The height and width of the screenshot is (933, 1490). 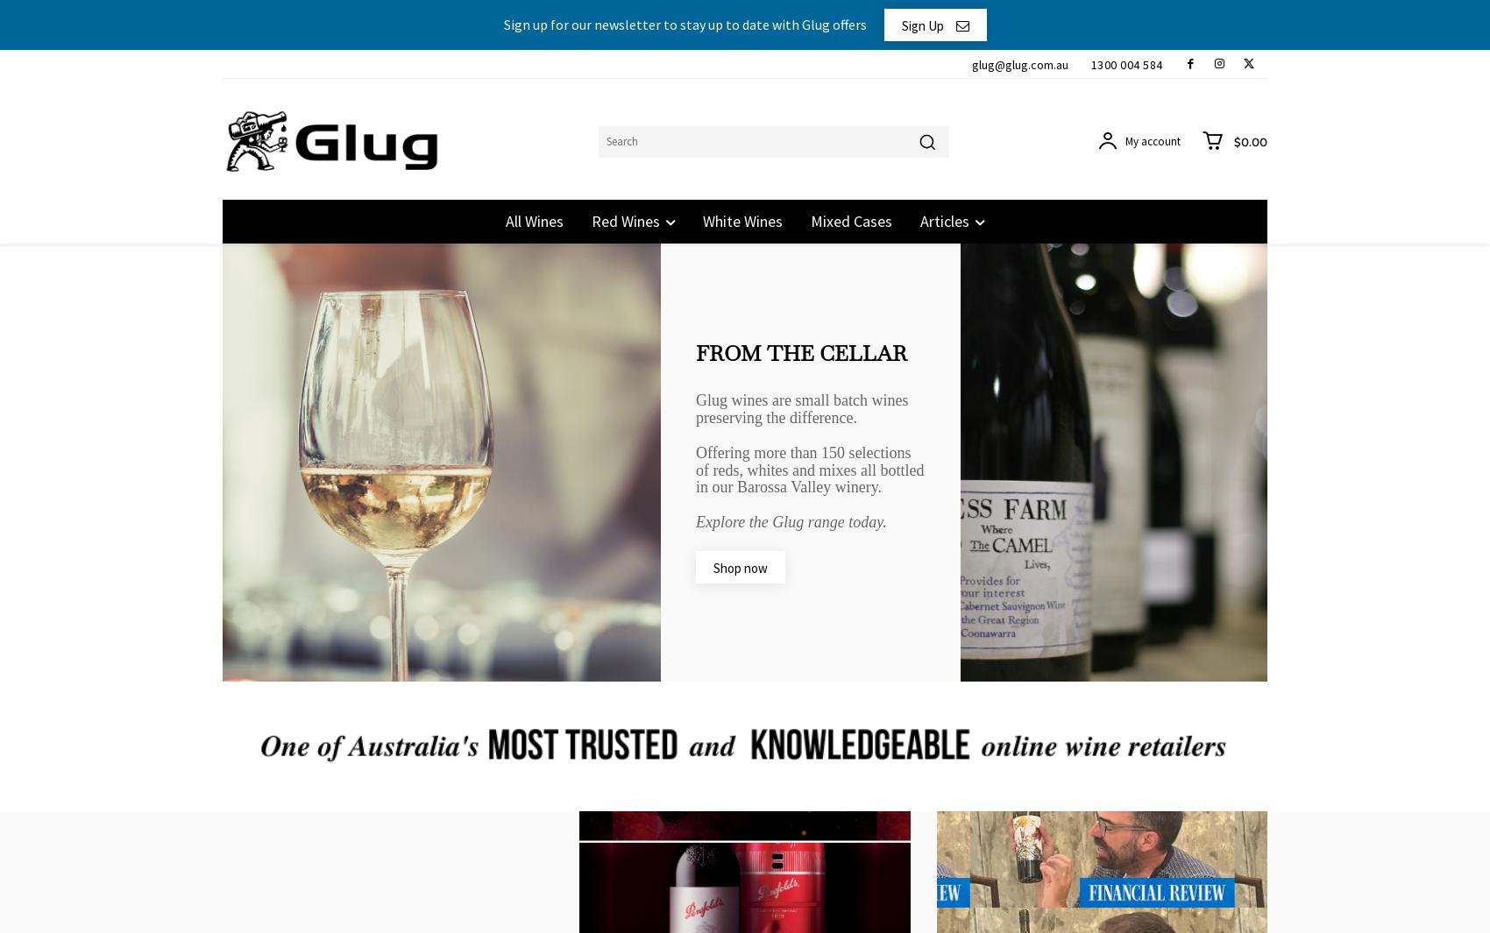 What do you see at coordinates (504, 219) in the screenshot?
I see `'All Wines'` at bounding box center [504, 219].